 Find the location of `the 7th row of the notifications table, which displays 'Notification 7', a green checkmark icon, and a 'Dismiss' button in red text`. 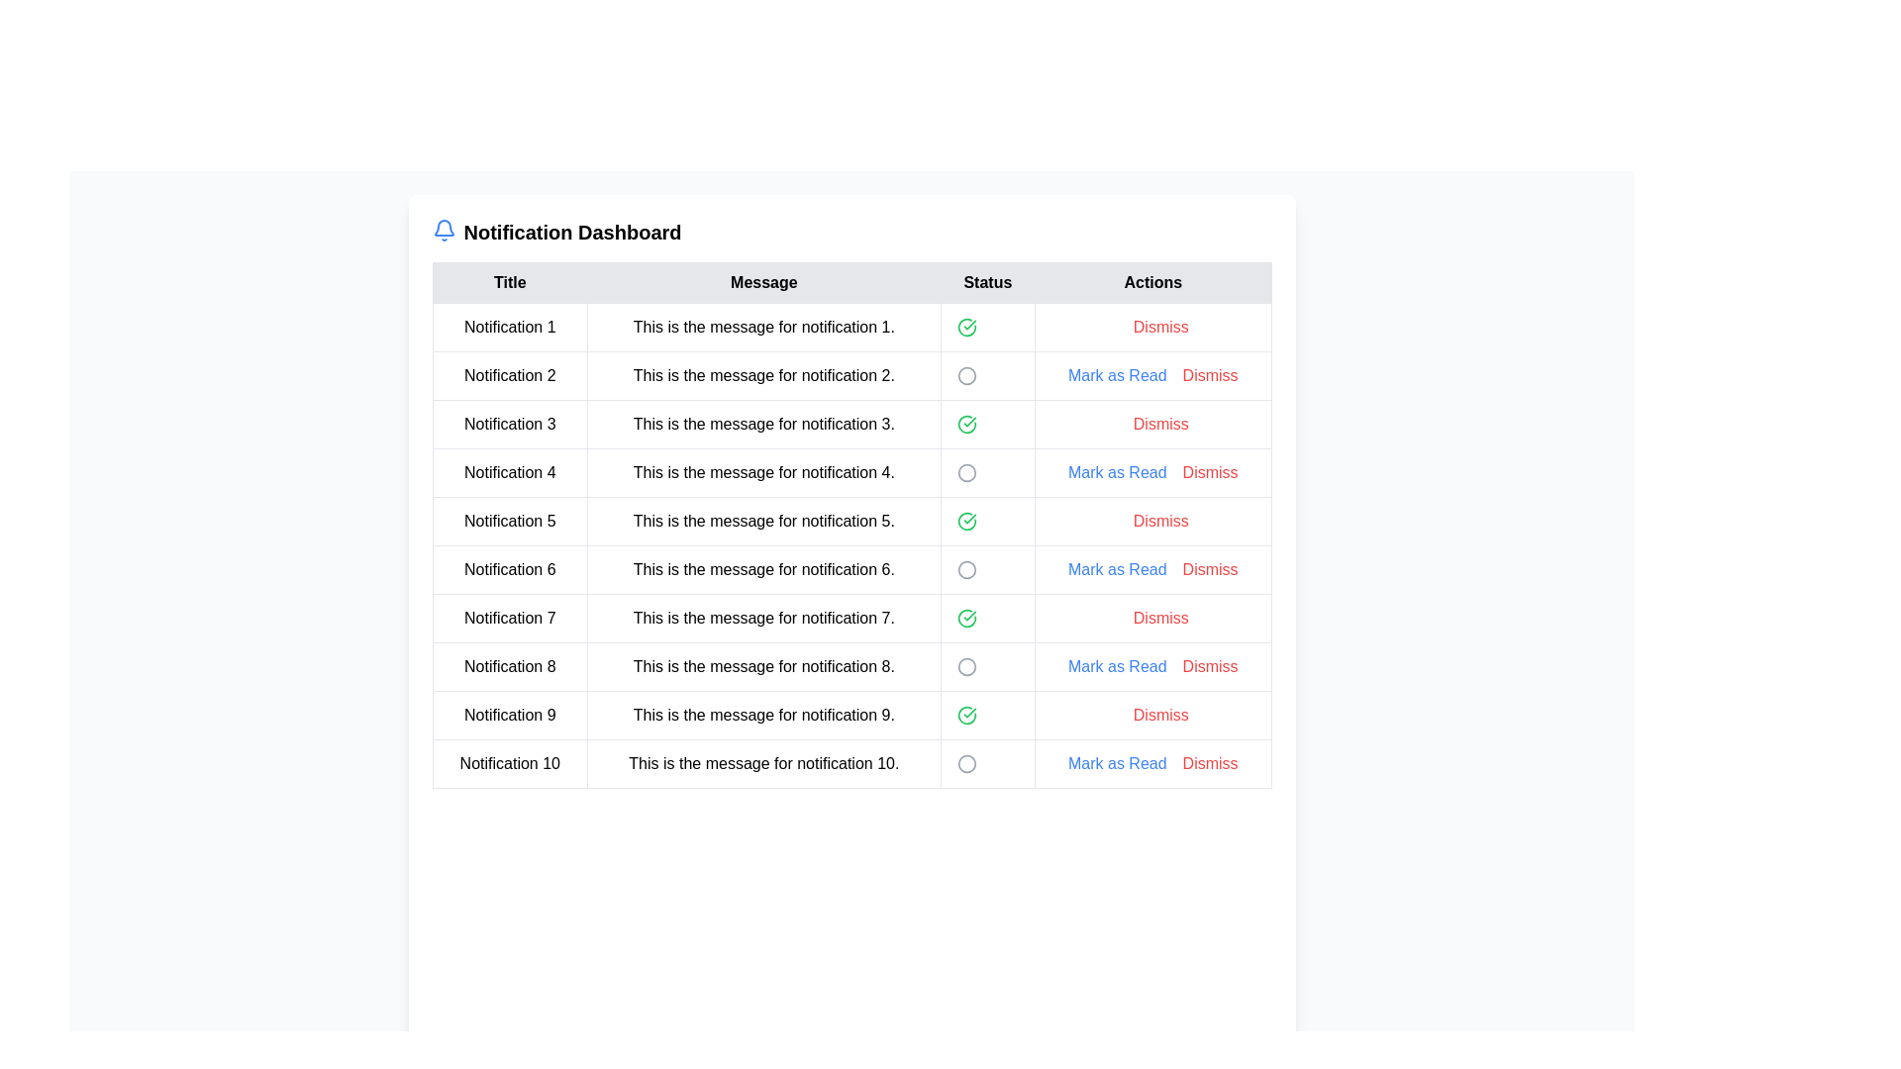

the 7th row of the notifications table, which displays 'Notification 7', a green checkmark icon, and a 'Dismiss' button in red text is located at coordinates (851, 617).